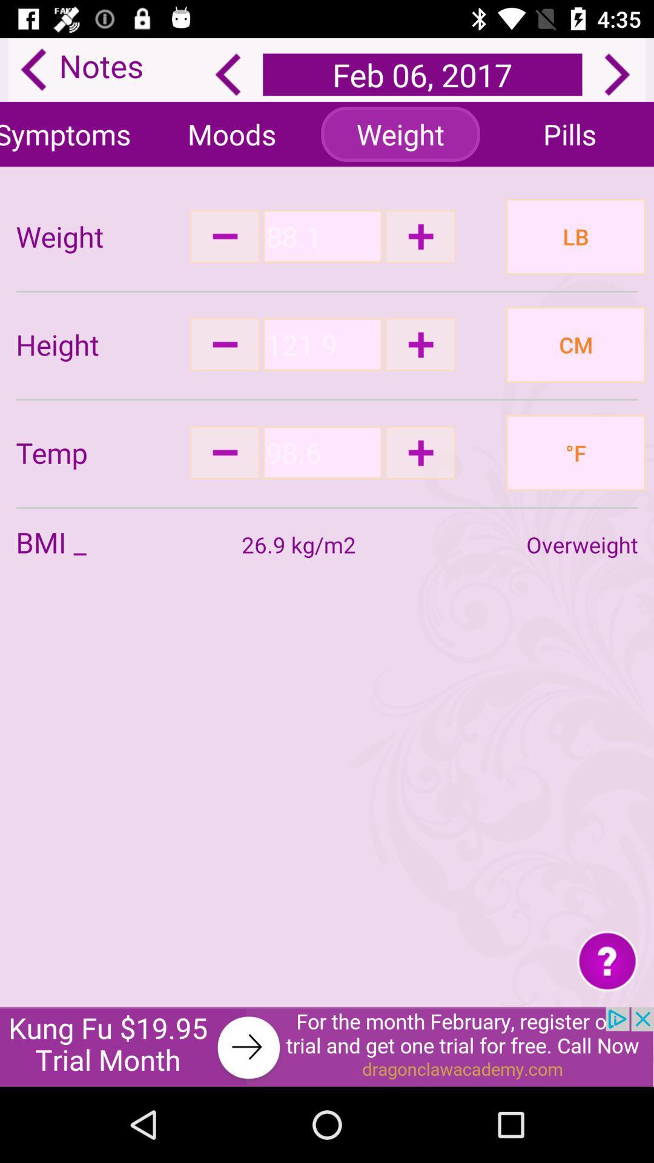  What do you see at coordinates (420, 236) in the screenshot?
I see `the add icon` at bounding box center [420, 236].